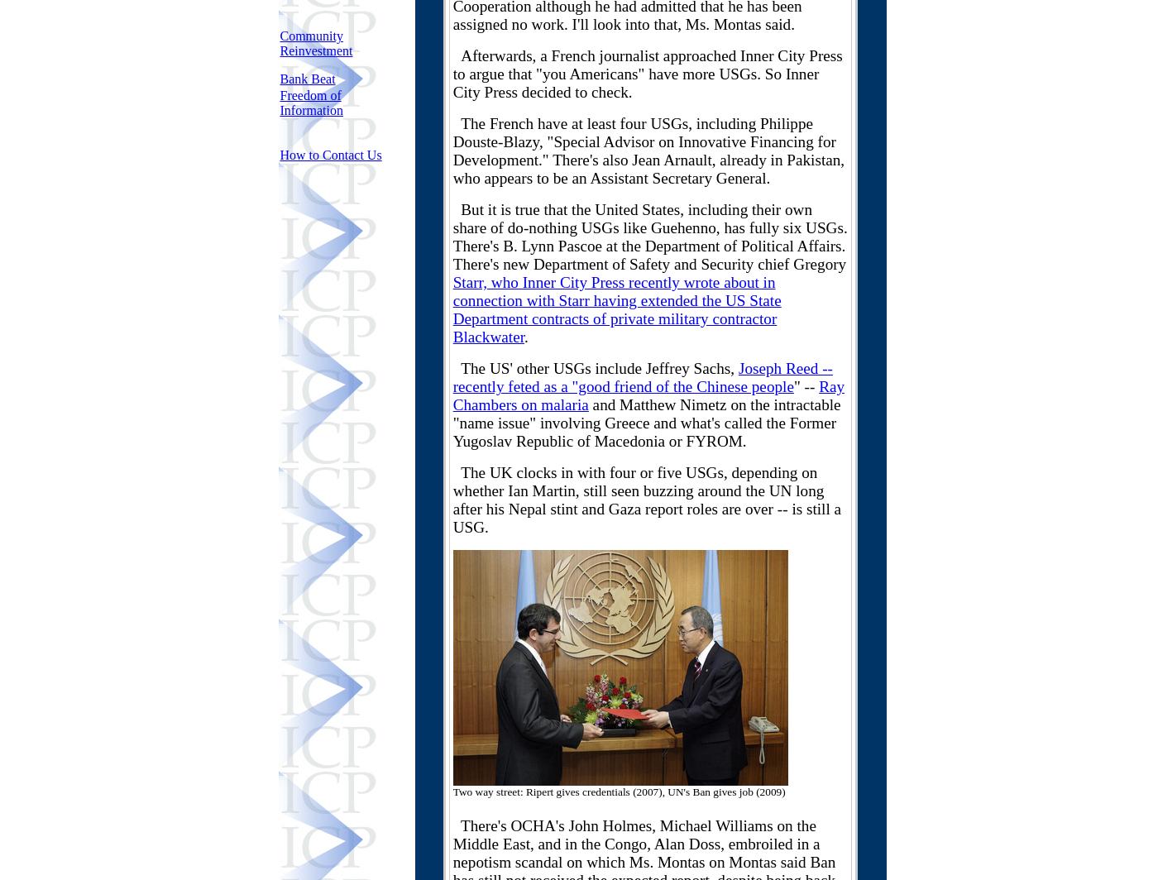 The height and width of the screenshot is (880, 1158). What do you see at coordinates (806, 386) in the screenshot?
I see `'" --'` at bounding box center [806, 386].